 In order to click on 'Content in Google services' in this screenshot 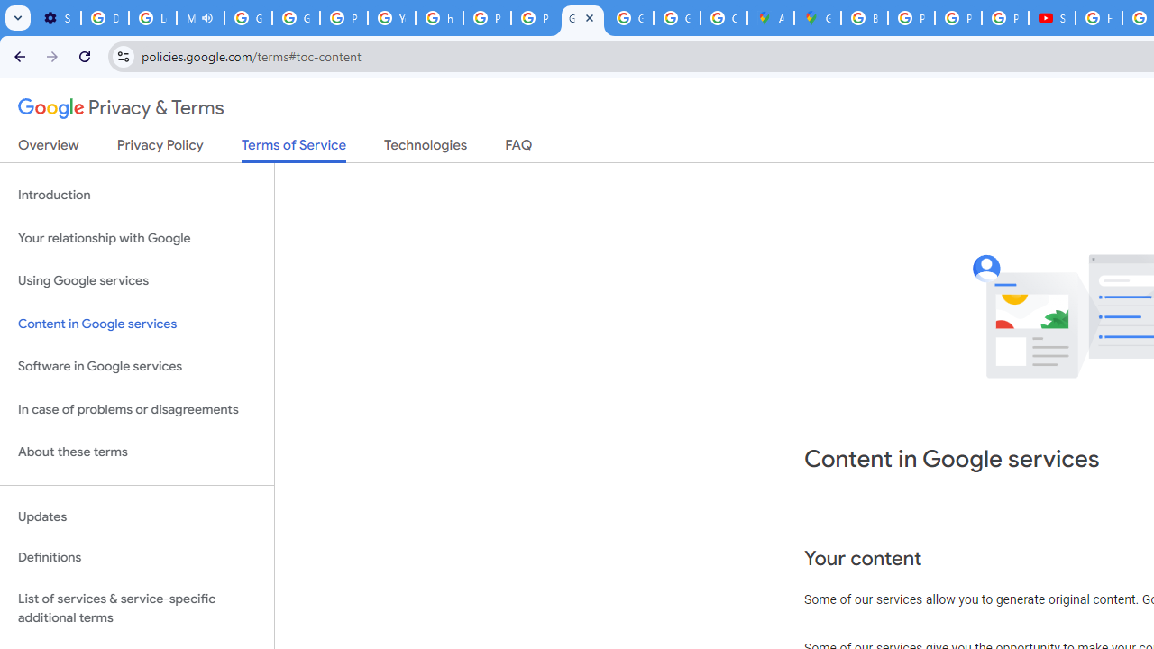, I will do `click(136, 323)`.